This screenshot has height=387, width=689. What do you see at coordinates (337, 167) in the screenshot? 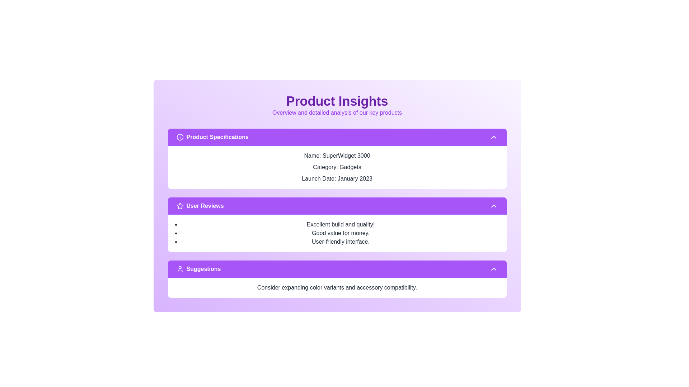
I see `the text block that provides product information, located below the 'Product Specifications' header section and centrally positioned within the layout` at bounding box center [337, 167].